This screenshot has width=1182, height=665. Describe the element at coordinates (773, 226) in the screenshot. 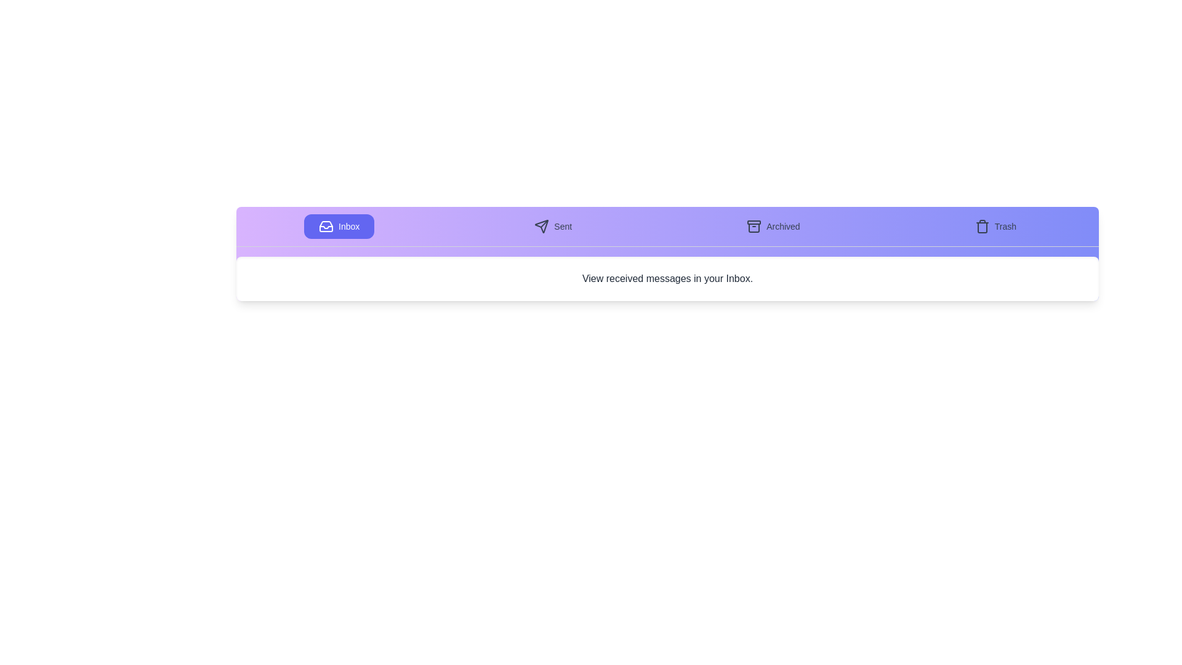

I see `the tab labeled Archived` at that location.